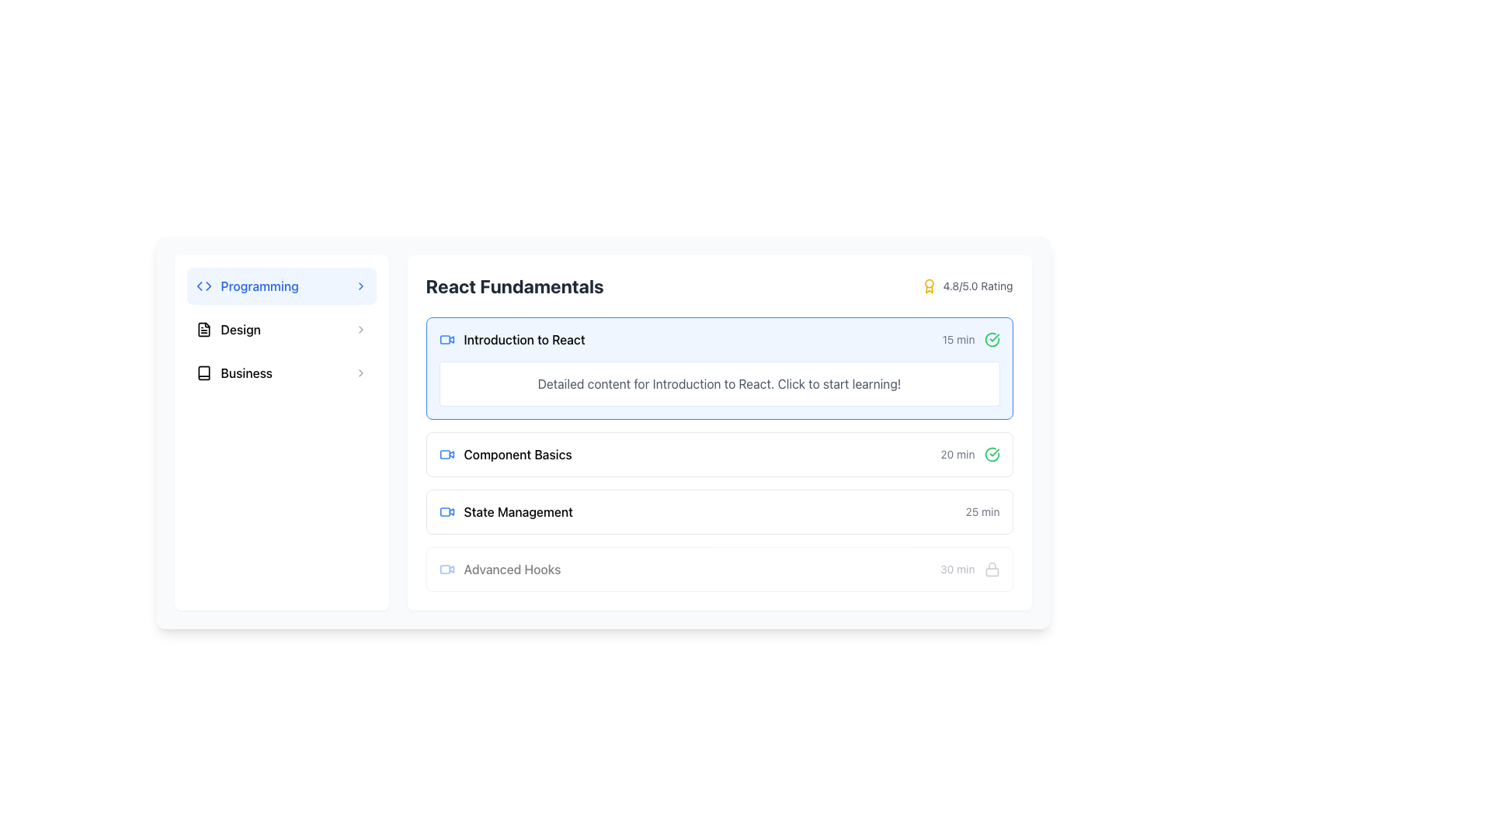 Image resolution: width=1491 pixels, height=838 pixels. I want to click on estimated time required for completing the lesson 'Component Basics' from the text label located to the left of the green check icon in the same row, so click(957, 454).